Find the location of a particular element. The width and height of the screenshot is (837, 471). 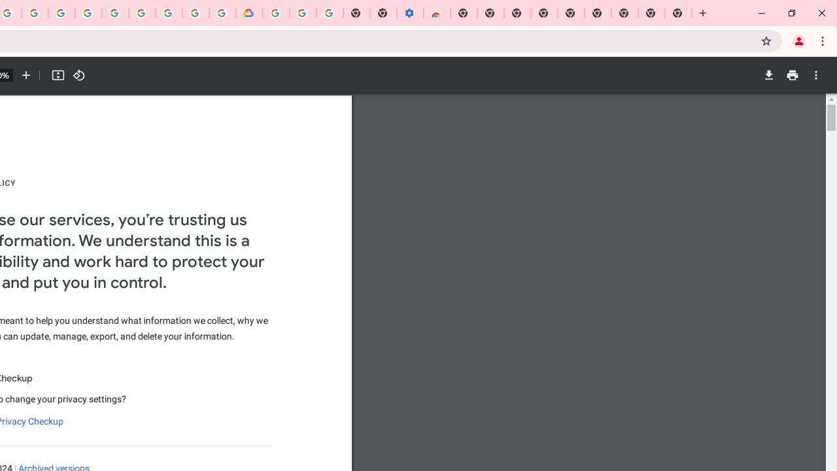

'Browse the Google Chrome Community - Google Chrome Community' is located at coordinates (222, 13).